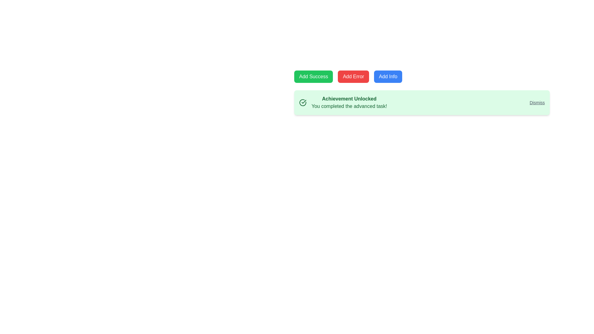 Image resolution: width=594 pixels, height=334 pixels. Describe the element at coordinates (353, 76) in the screenshot. I see `the red 'Add Error' button with white text` at that location.